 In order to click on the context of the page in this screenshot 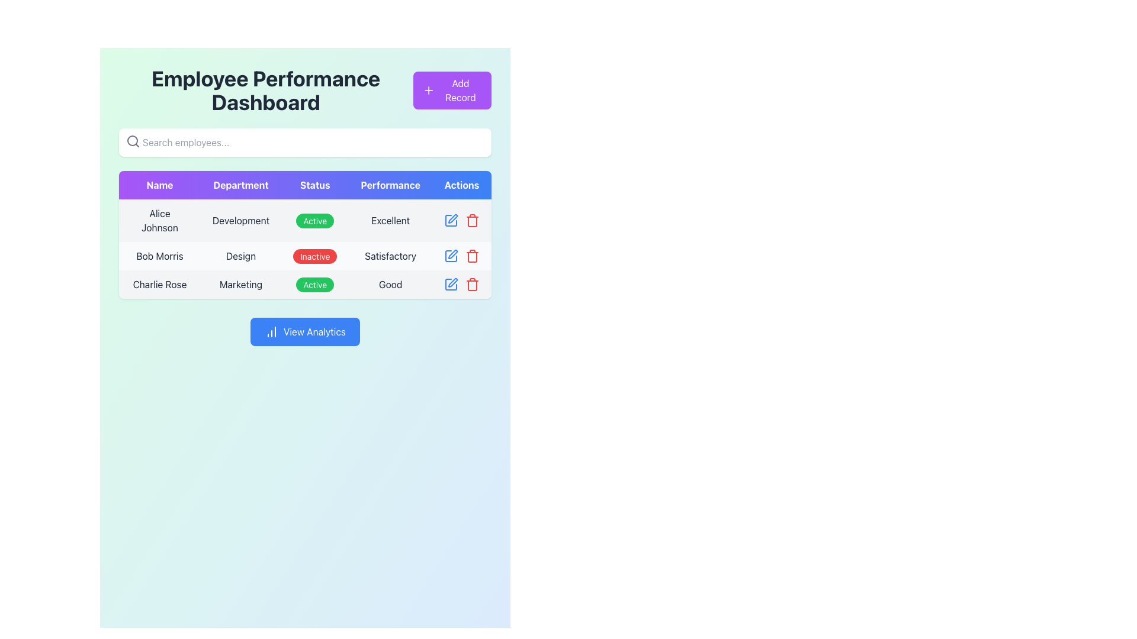, I will do `click(265, 90)`.